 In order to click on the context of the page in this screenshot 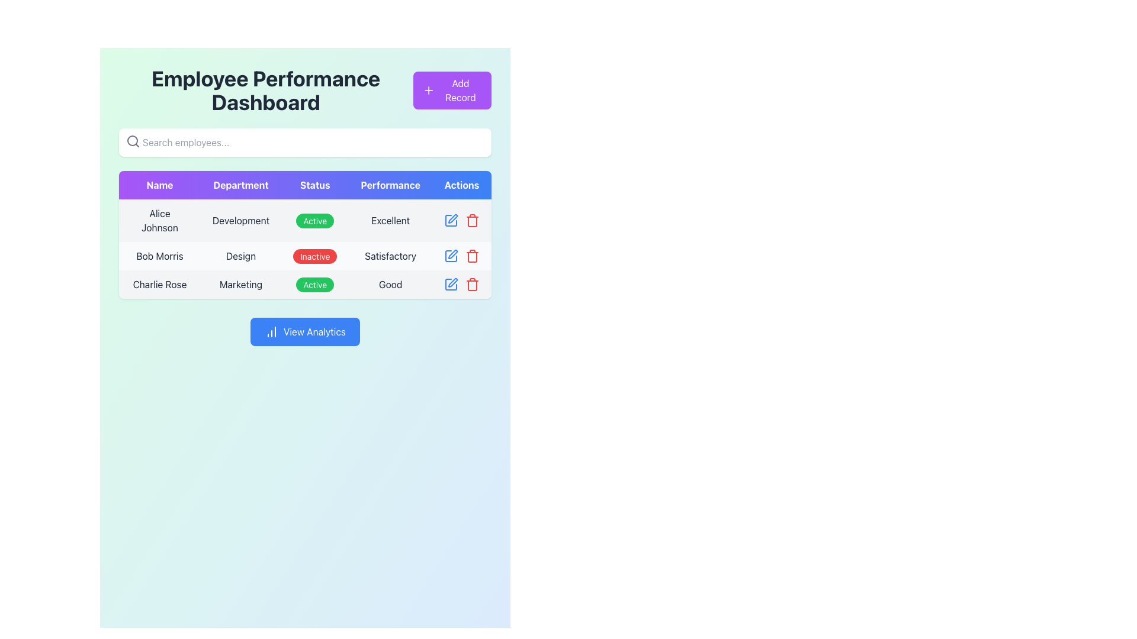, I will do `click(265, 90)`.